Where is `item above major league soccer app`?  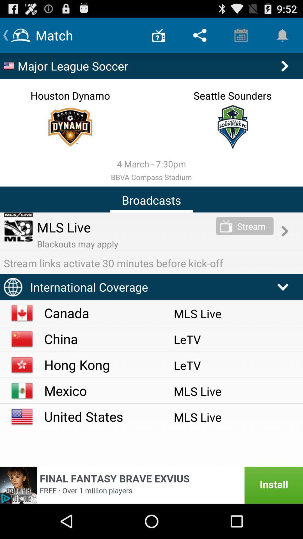
item above major league soccer app is located at coordinates (241, 35).